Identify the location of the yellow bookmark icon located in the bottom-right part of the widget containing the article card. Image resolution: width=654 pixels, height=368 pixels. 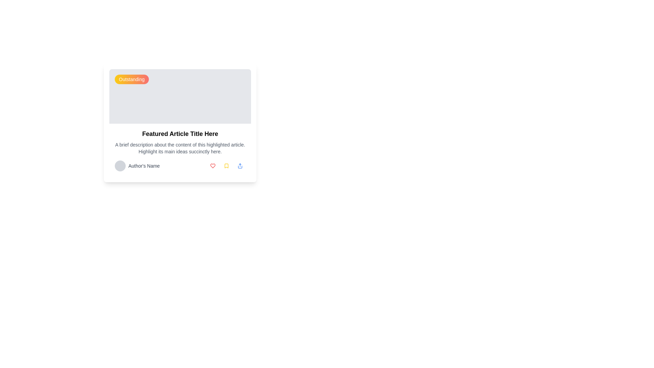
(227, 166).